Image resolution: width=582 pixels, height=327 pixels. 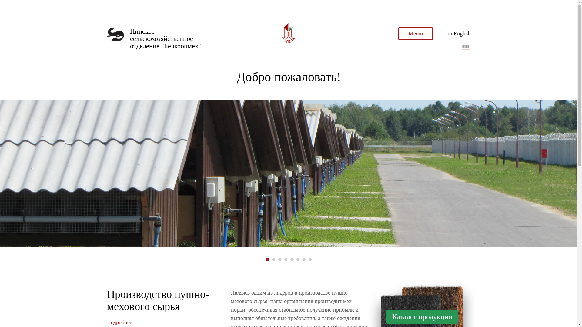 I want to click on 'in English', so click(x=448, y=34).